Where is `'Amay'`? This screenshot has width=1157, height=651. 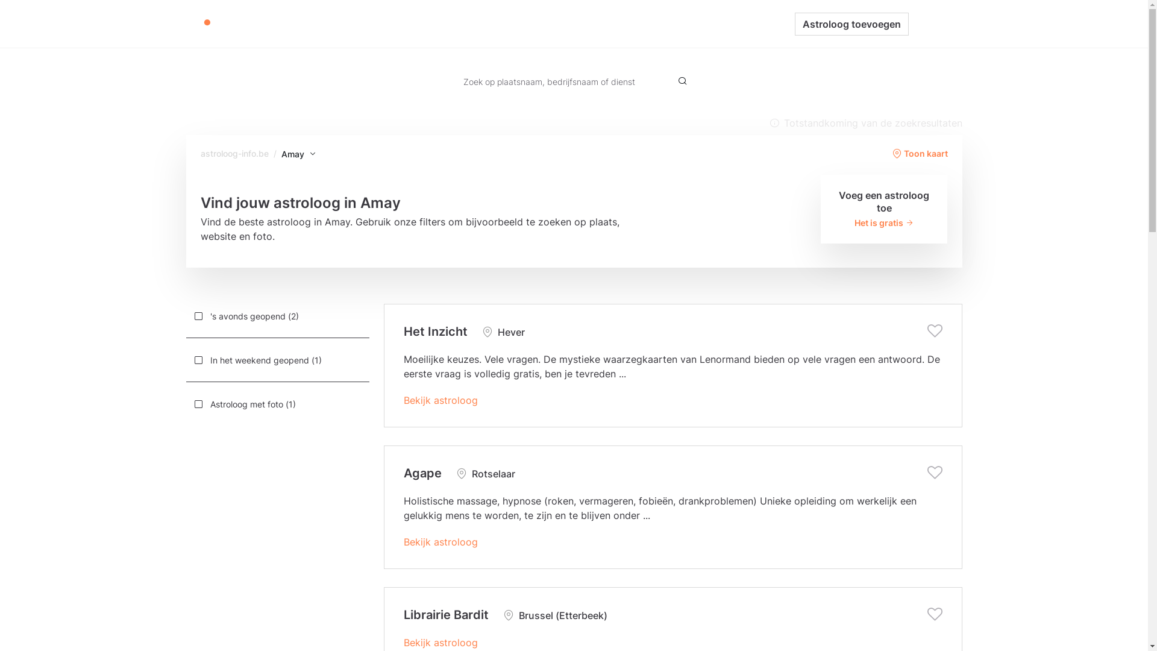 'Amay' is located at coordinates (298, 153).